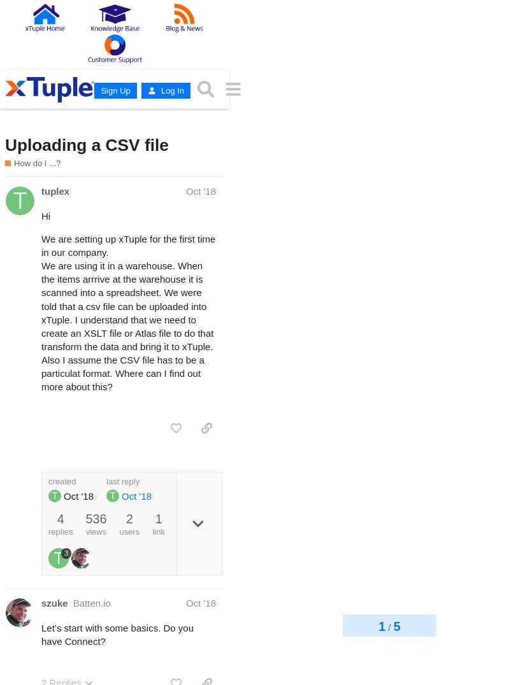 The height and width of the screenshot is (685, 516). Describe the element at coordinates (86, 145) in the screenshot. I see `'Uploading a CSV file'` at that location.